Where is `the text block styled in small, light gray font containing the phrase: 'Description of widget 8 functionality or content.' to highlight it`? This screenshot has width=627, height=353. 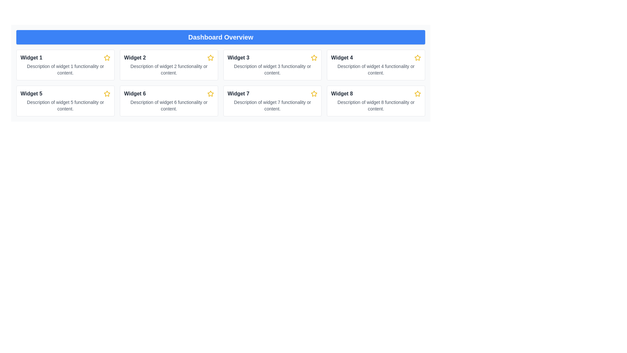 the text block styled in small, light gray font containing the phrase: 'Description of widget 8 functionality or content.' to highlight it is located at coordinates (376, 105).